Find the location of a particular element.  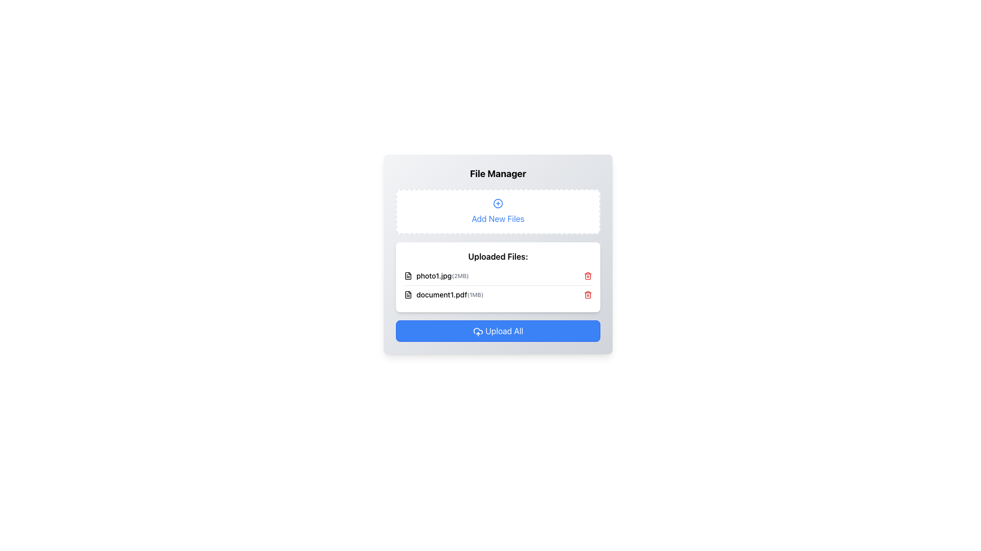

the SVG icon representing the uploaded document file 'document1.pdf' to focus on it is located at coordinates (407, 295).